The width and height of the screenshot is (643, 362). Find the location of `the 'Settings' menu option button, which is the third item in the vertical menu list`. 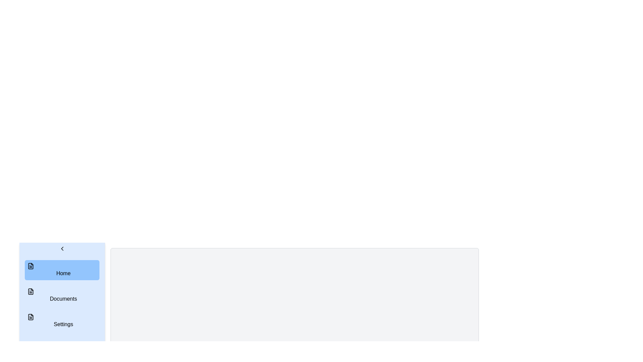

the 'Settings' menu option button, which is the third item in the vertical menu list is located at coordinates (62, 320).